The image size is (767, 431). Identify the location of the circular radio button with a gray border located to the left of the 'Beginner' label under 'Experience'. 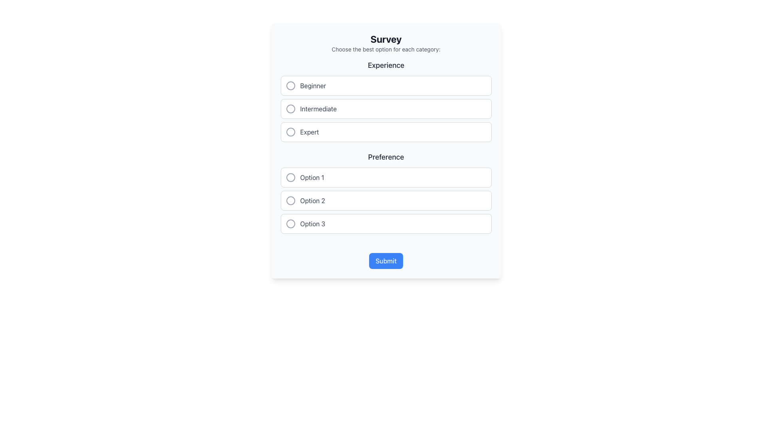
(290, 86).